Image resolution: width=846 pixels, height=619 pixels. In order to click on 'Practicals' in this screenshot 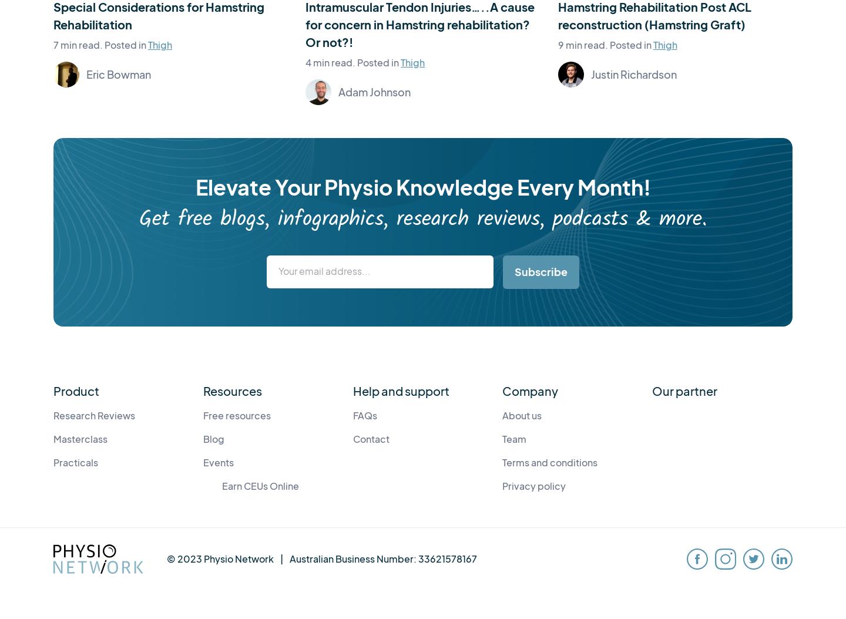, I will do `click(53, 462)`.